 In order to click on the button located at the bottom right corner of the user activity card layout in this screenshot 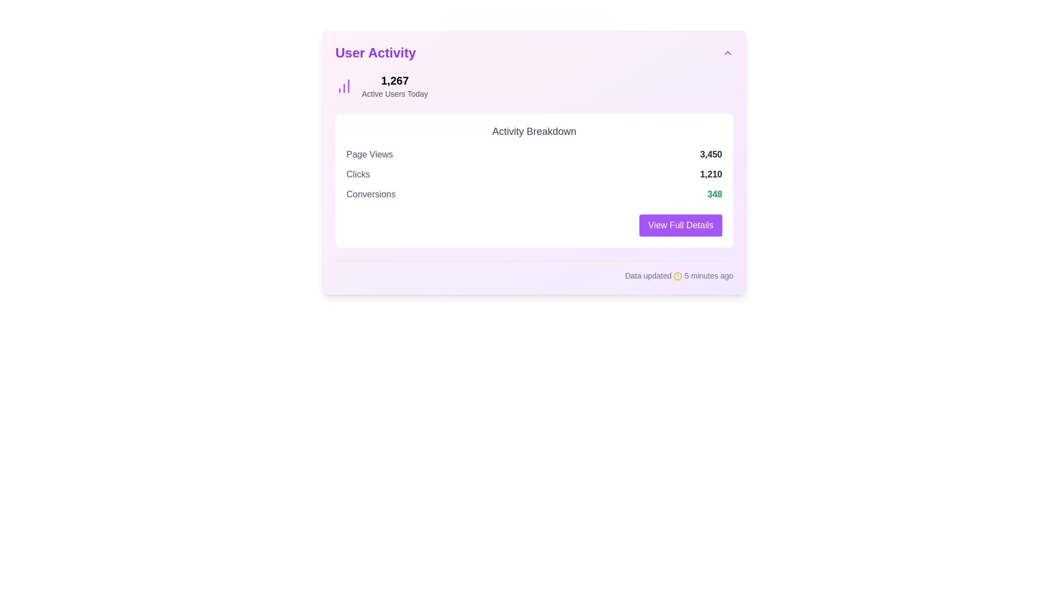, I will do `click(680, 225)`.